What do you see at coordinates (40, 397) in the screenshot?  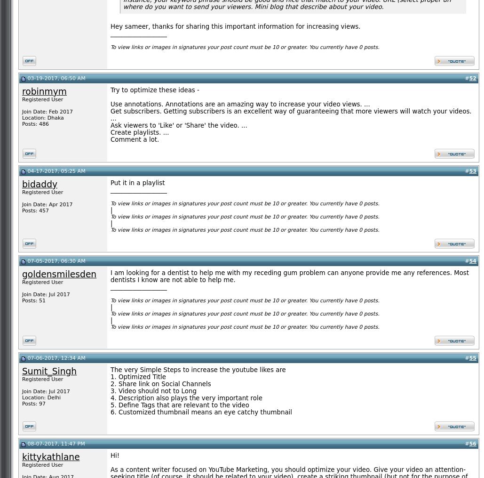 I see `'Location: Delhi'` at bounding box center [40, 397].